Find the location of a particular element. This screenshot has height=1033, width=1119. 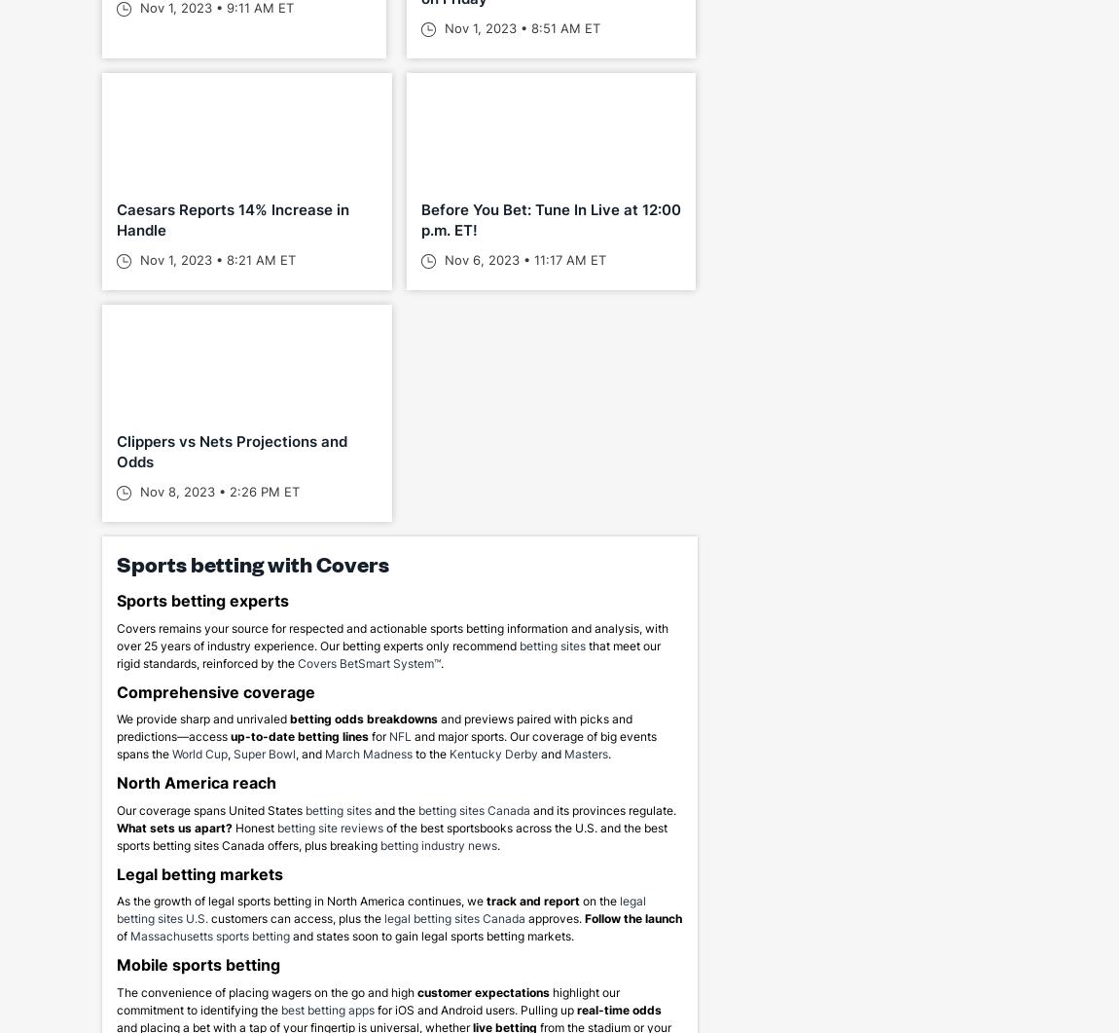

',' is located at coordinates (230, 754).